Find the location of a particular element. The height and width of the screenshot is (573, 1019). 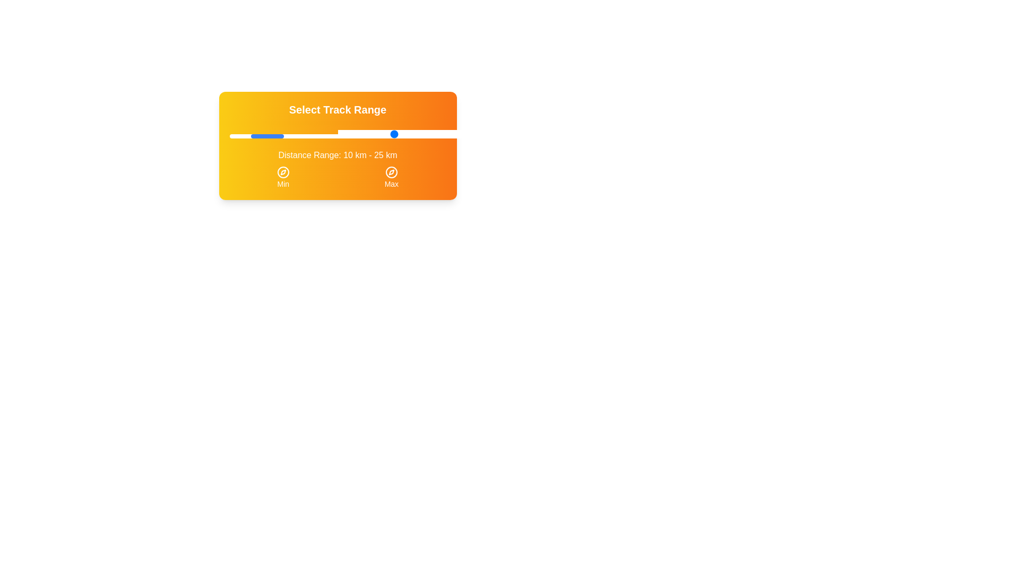

the slider is located at coordinates (398, 134).